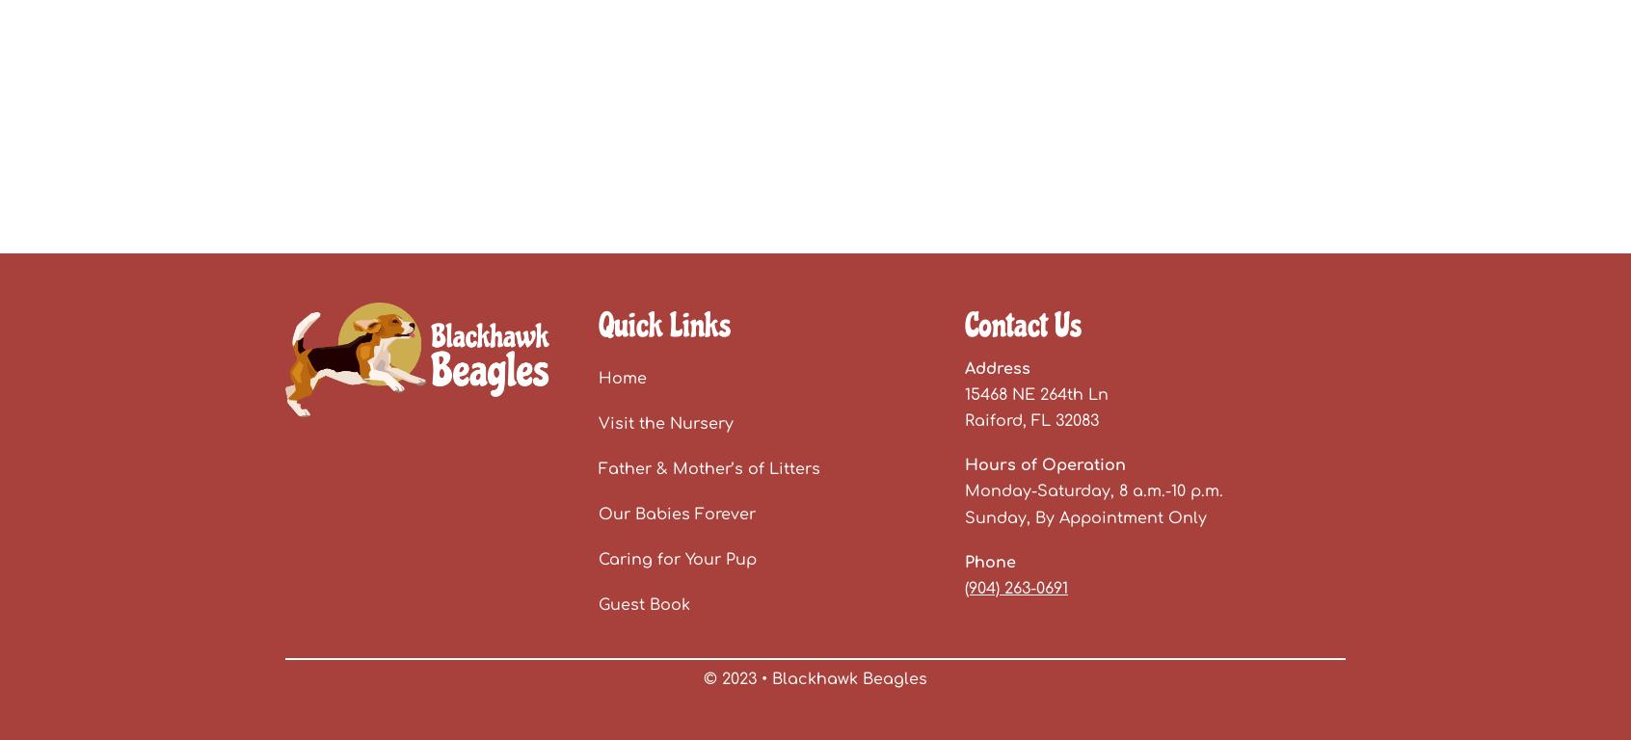 The width and height of the screenshot is (1631, 740). Describe the element at coordinates (709, 467) in the screenshot. I see `'Father & Mother’s of Litters'` at that location.